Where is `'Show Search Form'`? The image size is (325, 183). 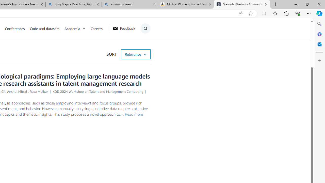 'Show Search Form' is located at coordinates (145, 28).